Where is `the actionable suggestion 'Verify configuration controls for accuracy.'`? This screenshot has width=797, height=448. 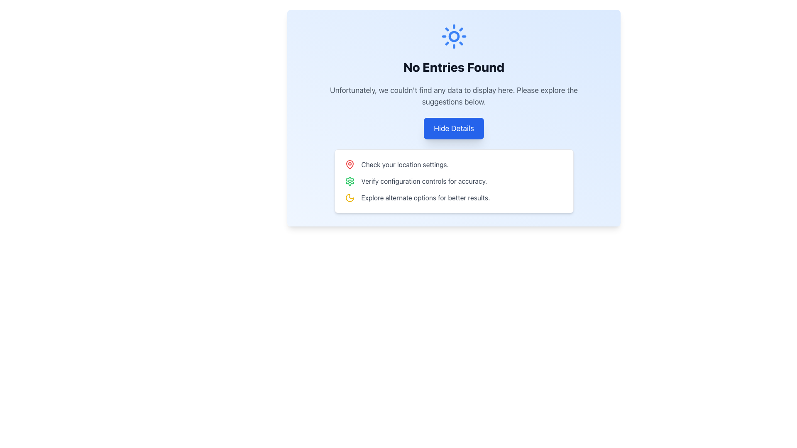 the actionable suggestion 'Verify configuration controls for accuracy.' is located at coordinates (453, 180).